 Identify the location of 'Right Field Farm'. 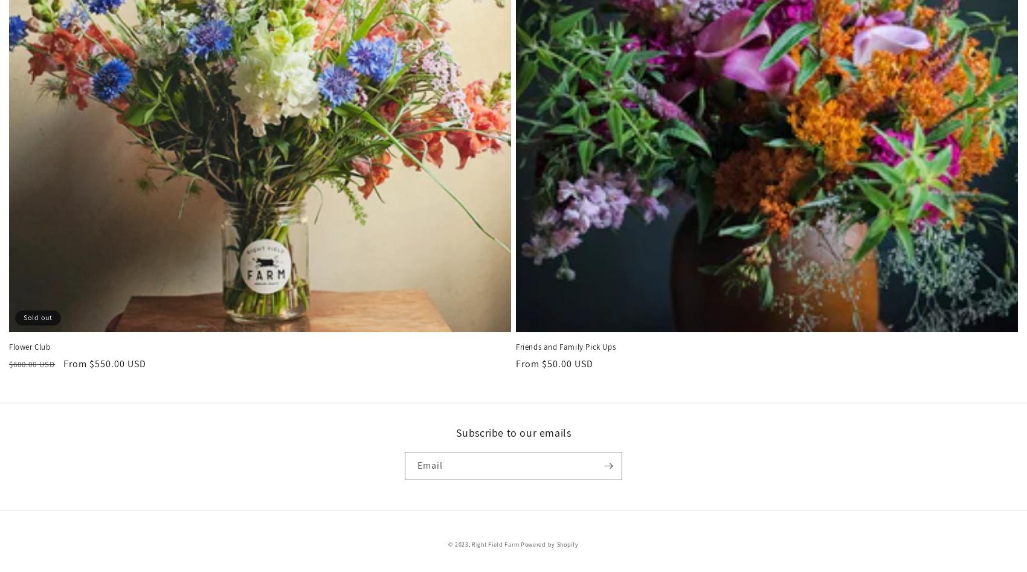
(471, 544).